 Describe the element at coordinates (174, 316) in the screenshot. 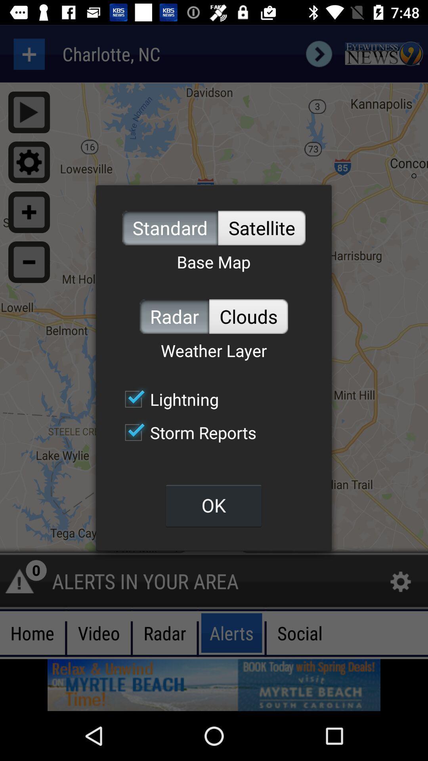

I see `icon above the weather layer icon` at that location.